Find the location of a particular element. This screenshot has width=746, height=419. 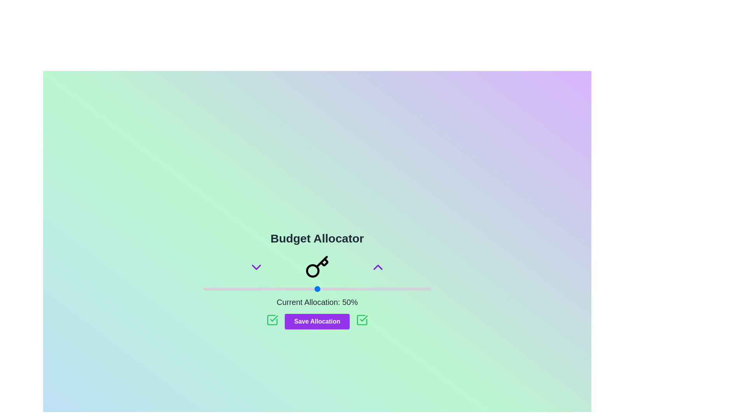

the chevron button to adjust the budget by decrease is located at coordinates (256, 267).